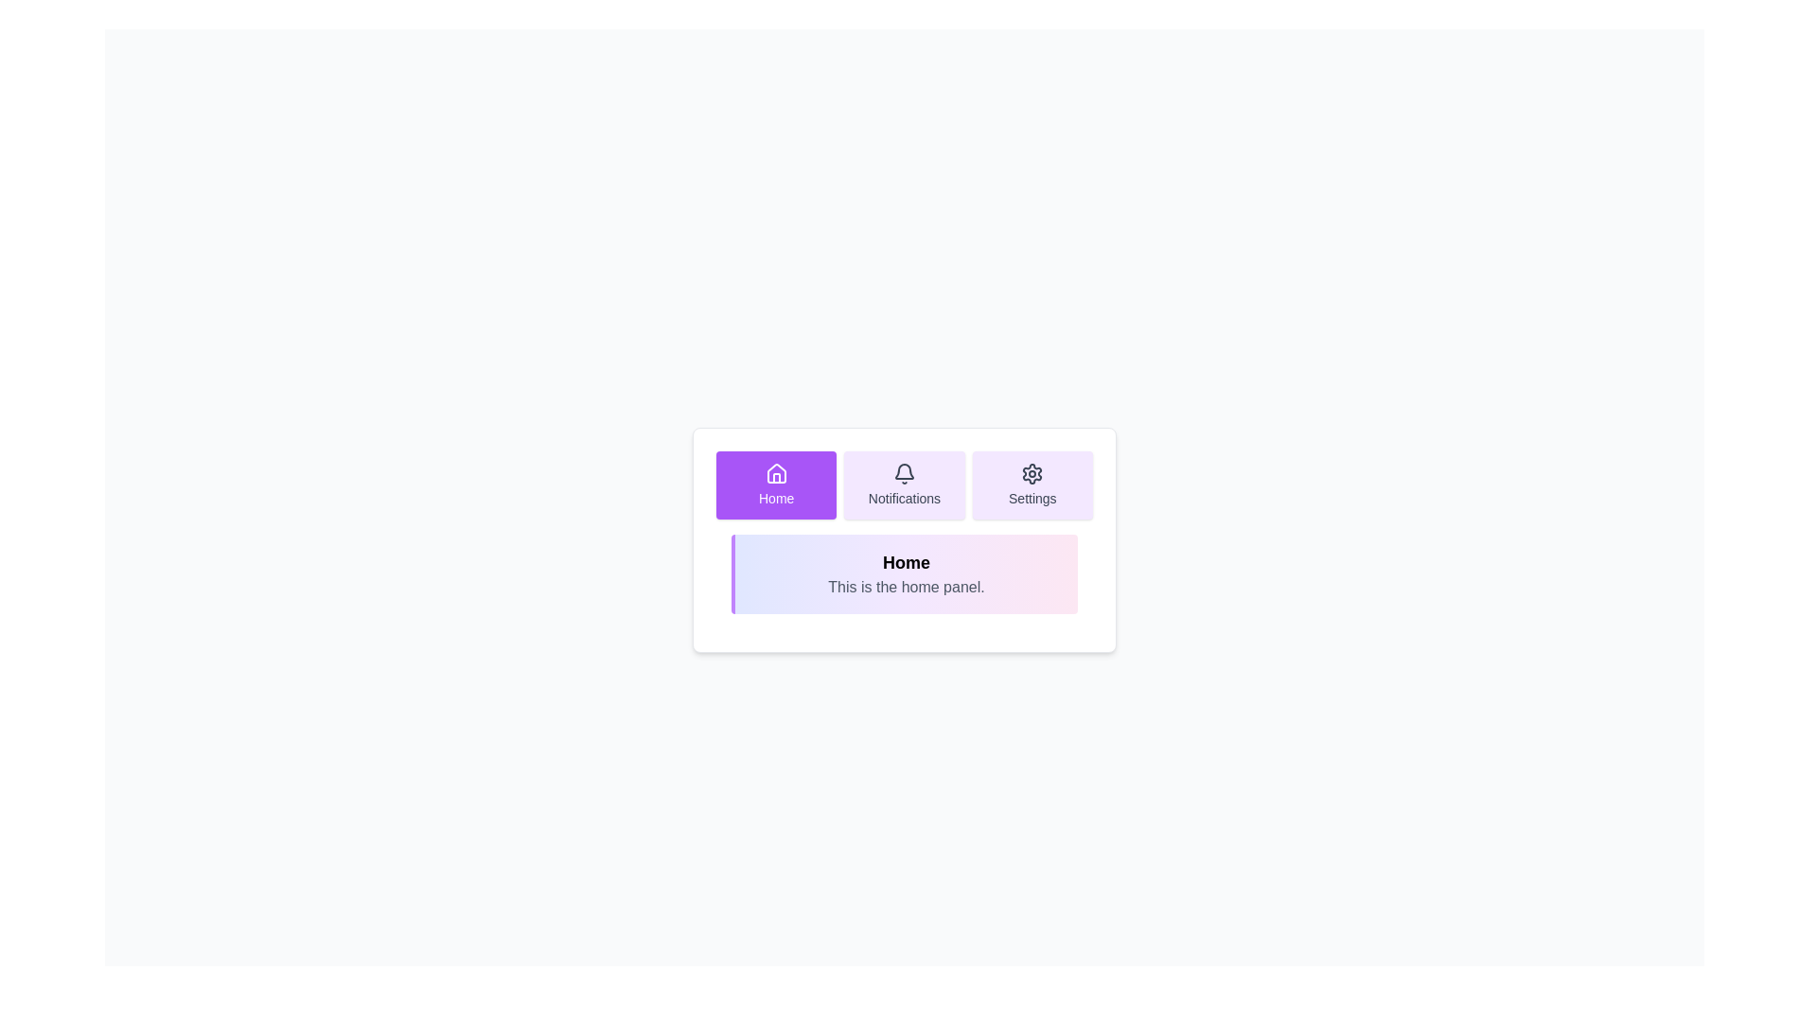 Image resolution: width=1817 pixels, height=1022 pixels. What do you see at coordinates (776, 498) in the screenshot?
I see `the 'Home' text label, which is styled with a small-sized font and located centrally within a purple rounded rectangular button below a house icon` at bounding box center [776, 498].